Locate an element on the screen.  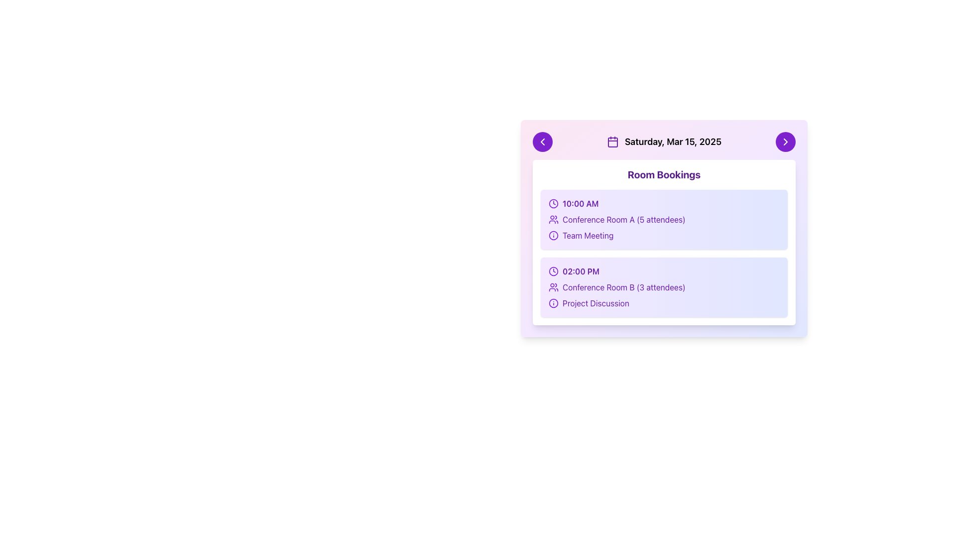
the text label for the scheduled event at 10:00 AM in the 'Room Bookings' section, located to the right of the information icon is located at coordinates (588, 236).